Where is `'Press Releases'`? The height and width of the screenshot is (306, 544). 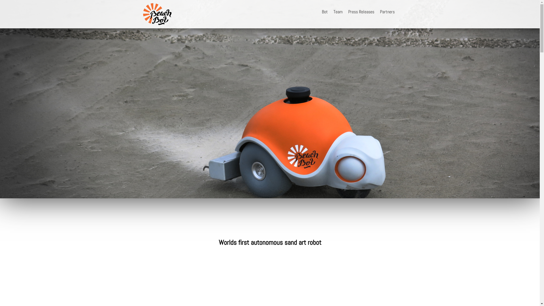
'Press Releases' is located at coordinates (345, 12).